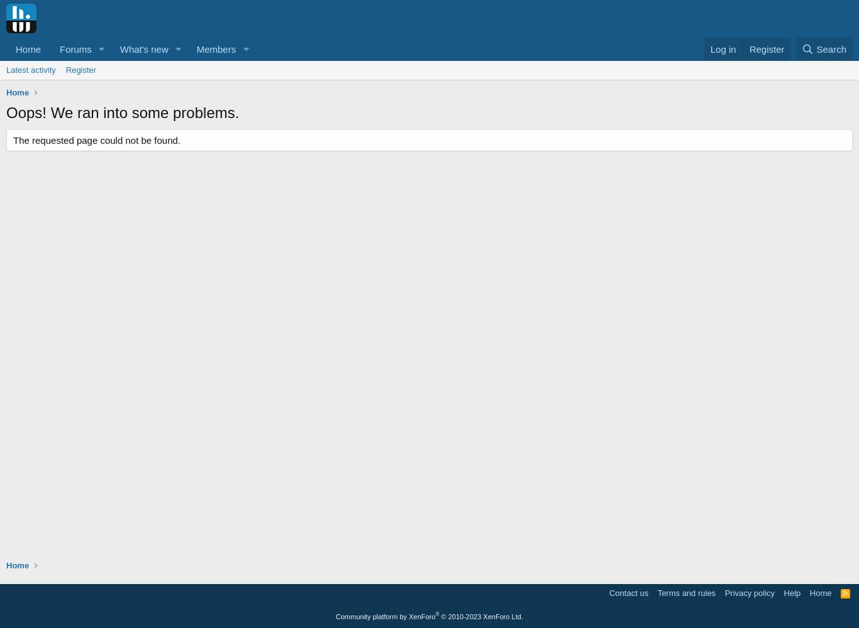  I want to click on 'Terms and rules', so click(685, 592).